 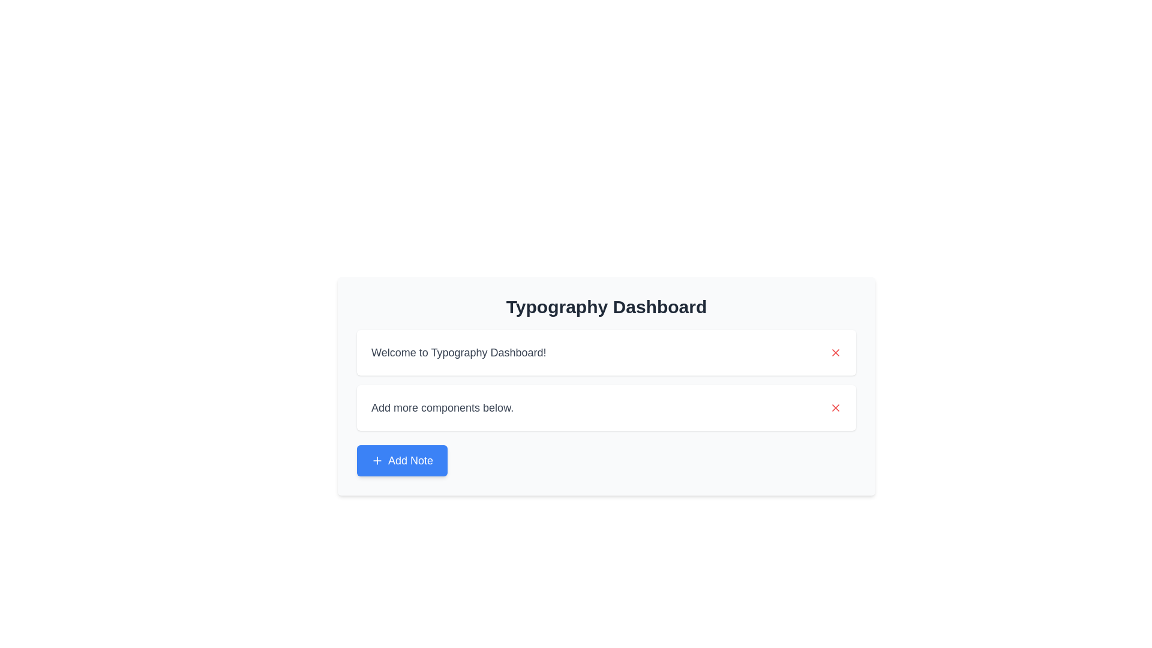 What do you see at coordinates (442, 407) in the screenshot?
I see `the static text element displaying 'Add more components below.' which is located in the main content area below the header 'Typography Dashboard'` at bounding box center [442, 407].